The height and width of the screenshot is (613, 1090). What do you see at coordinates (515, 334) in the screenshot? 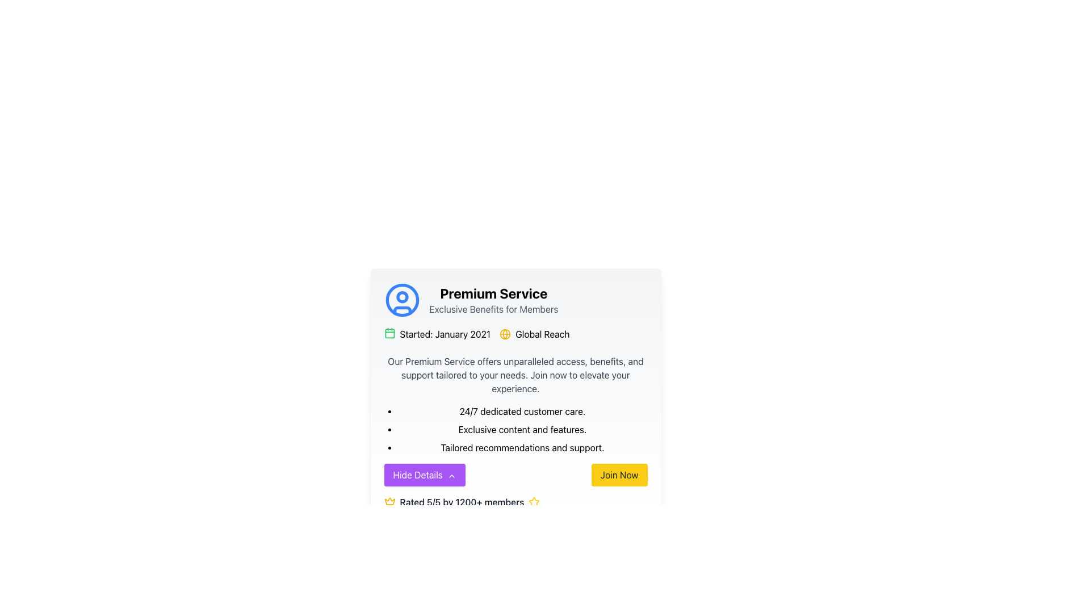
I see `the textual metadata display with accompanying icons located below the 'Premium Service' header and above the service benefits paragraph` at bounding box center [515, 334].